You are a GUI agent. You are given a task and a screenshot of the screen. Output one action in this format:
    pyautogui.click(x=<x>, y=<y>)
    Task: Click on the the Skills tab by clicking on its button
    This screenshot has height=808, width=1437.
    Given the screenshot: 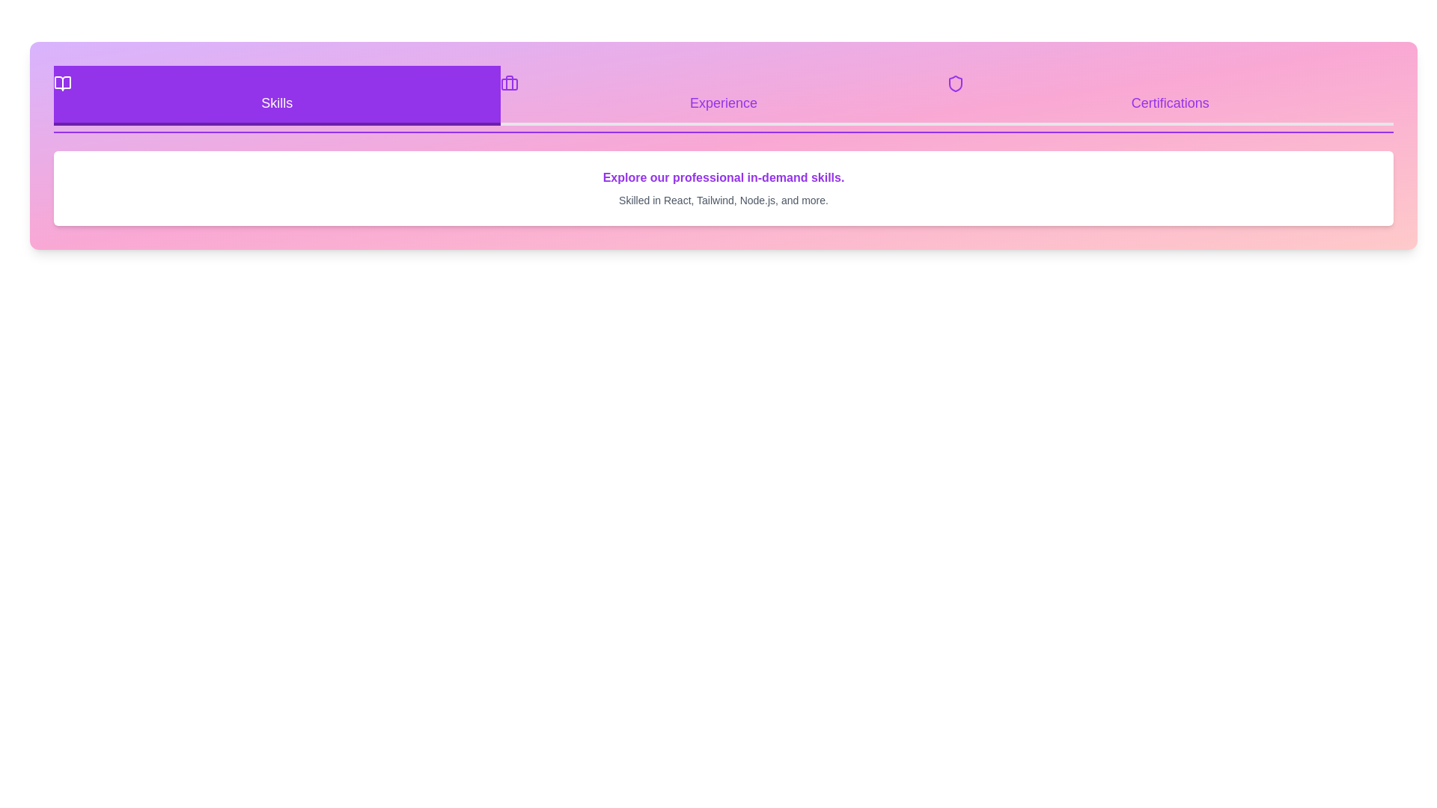 What is the action you would take?
    pyautogui.click(x=276, y=95)
    